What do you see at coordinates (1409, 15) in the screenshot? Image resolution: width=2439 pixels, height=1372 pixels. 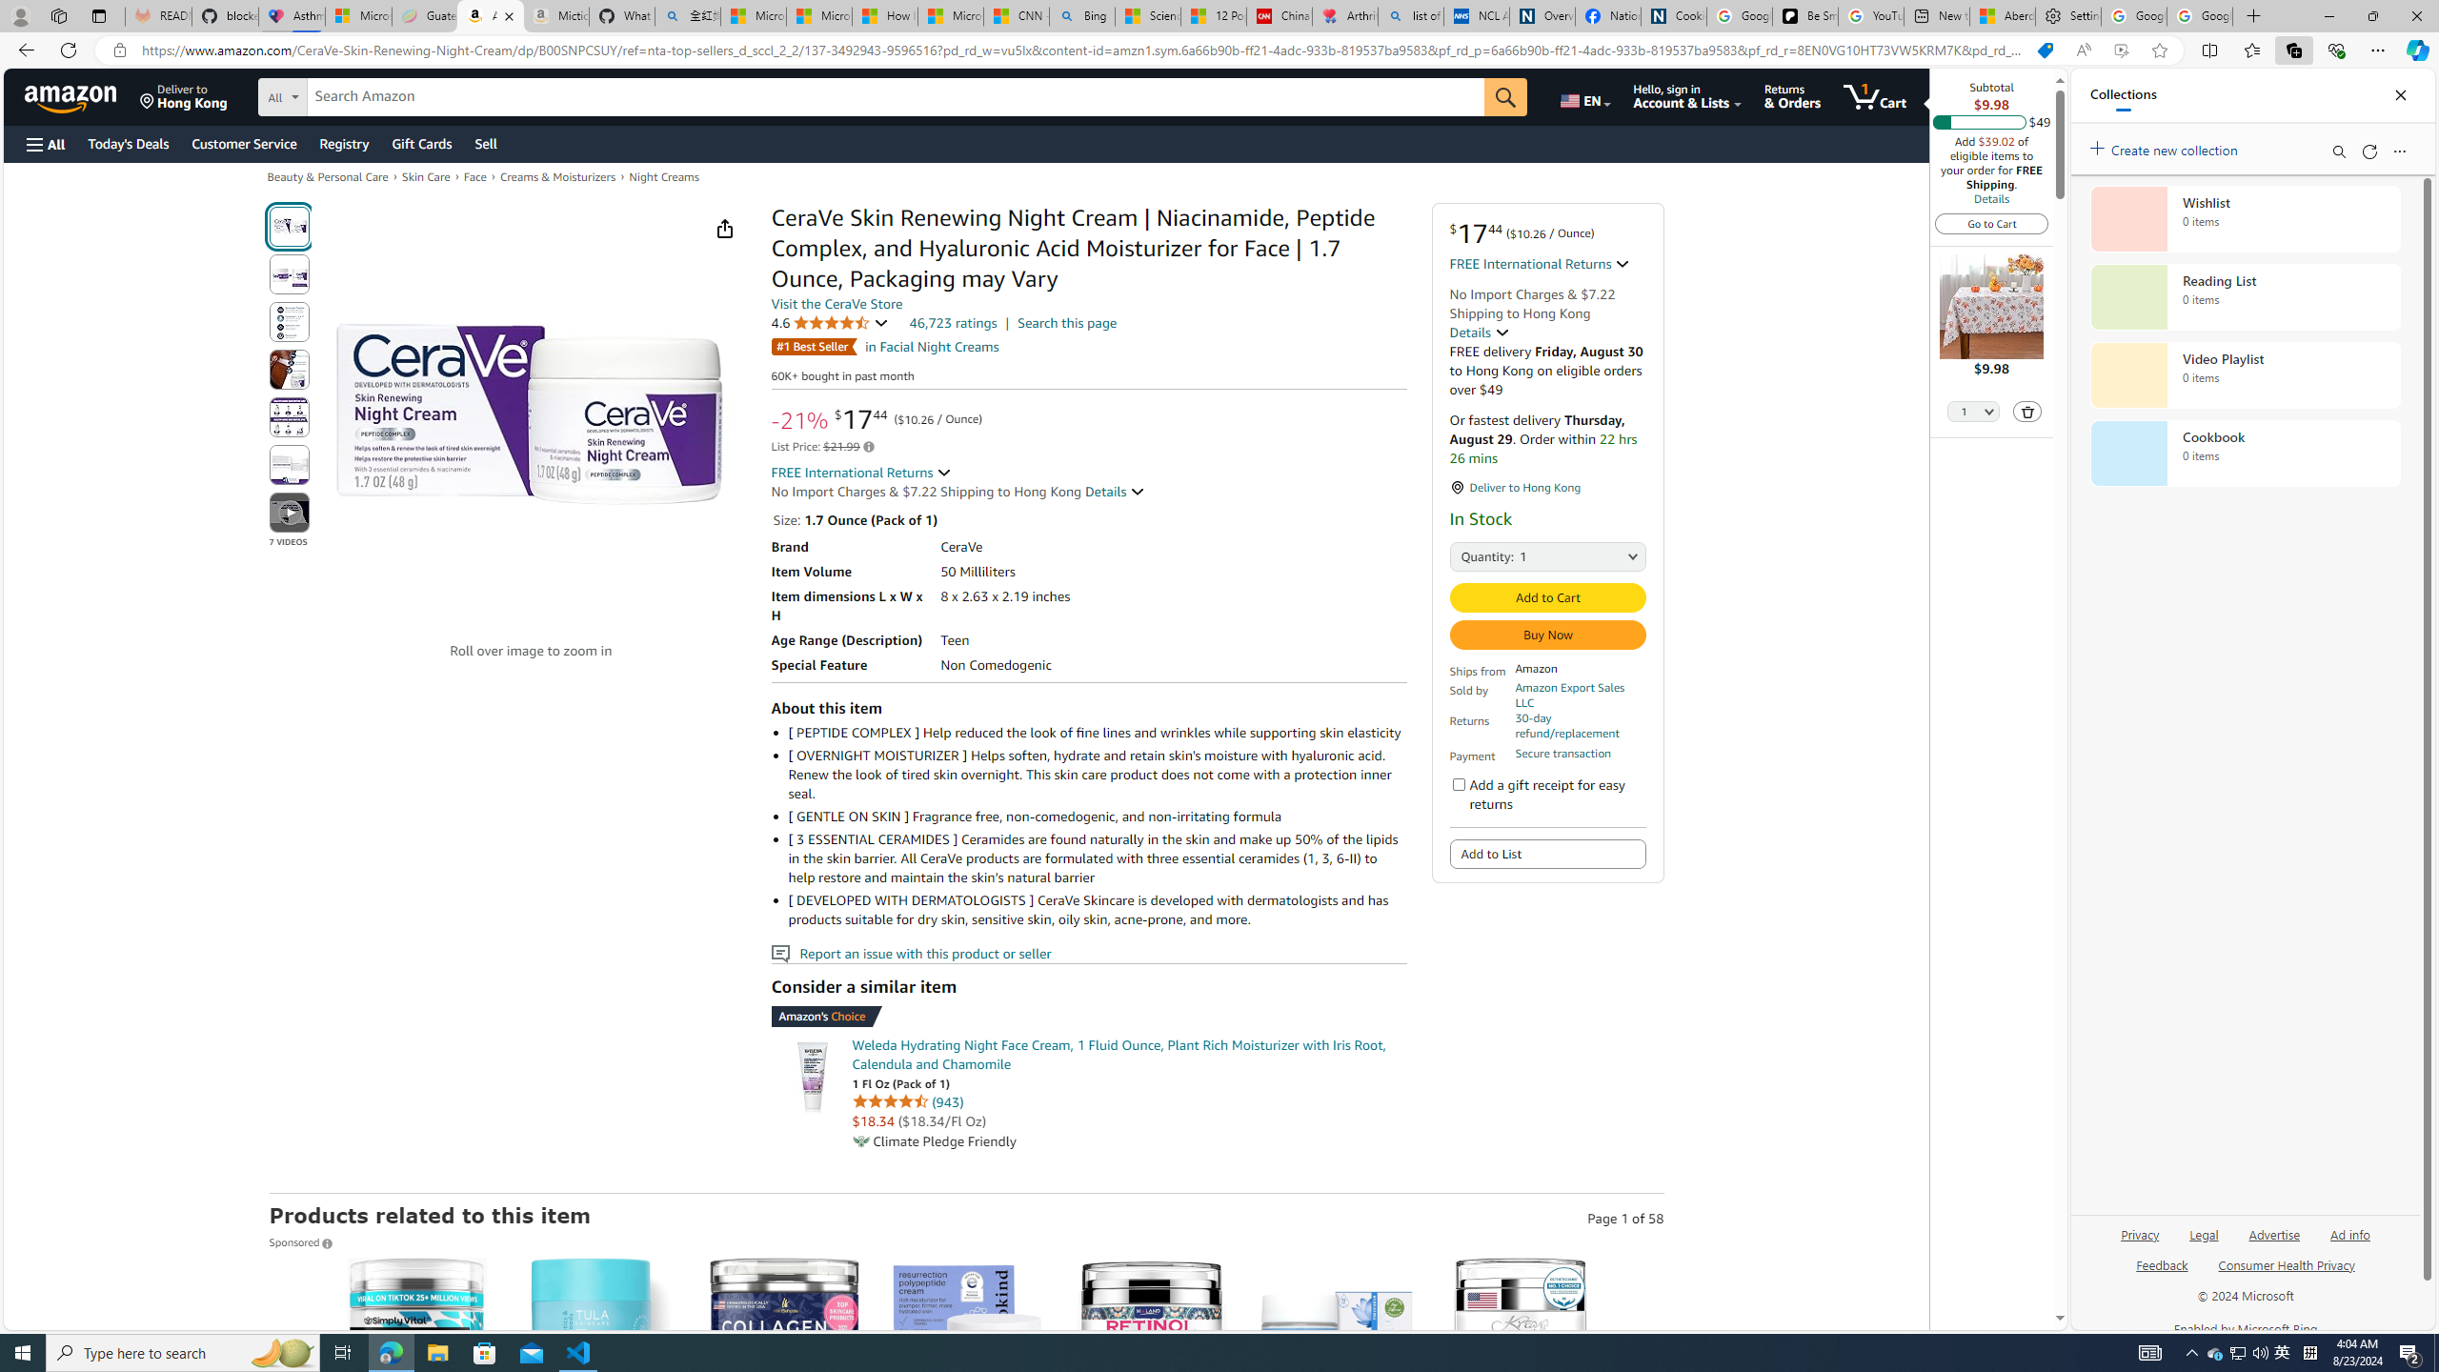 I see `'list of asthma inhalers uk - Search'` at bounding box center [1409, 15].